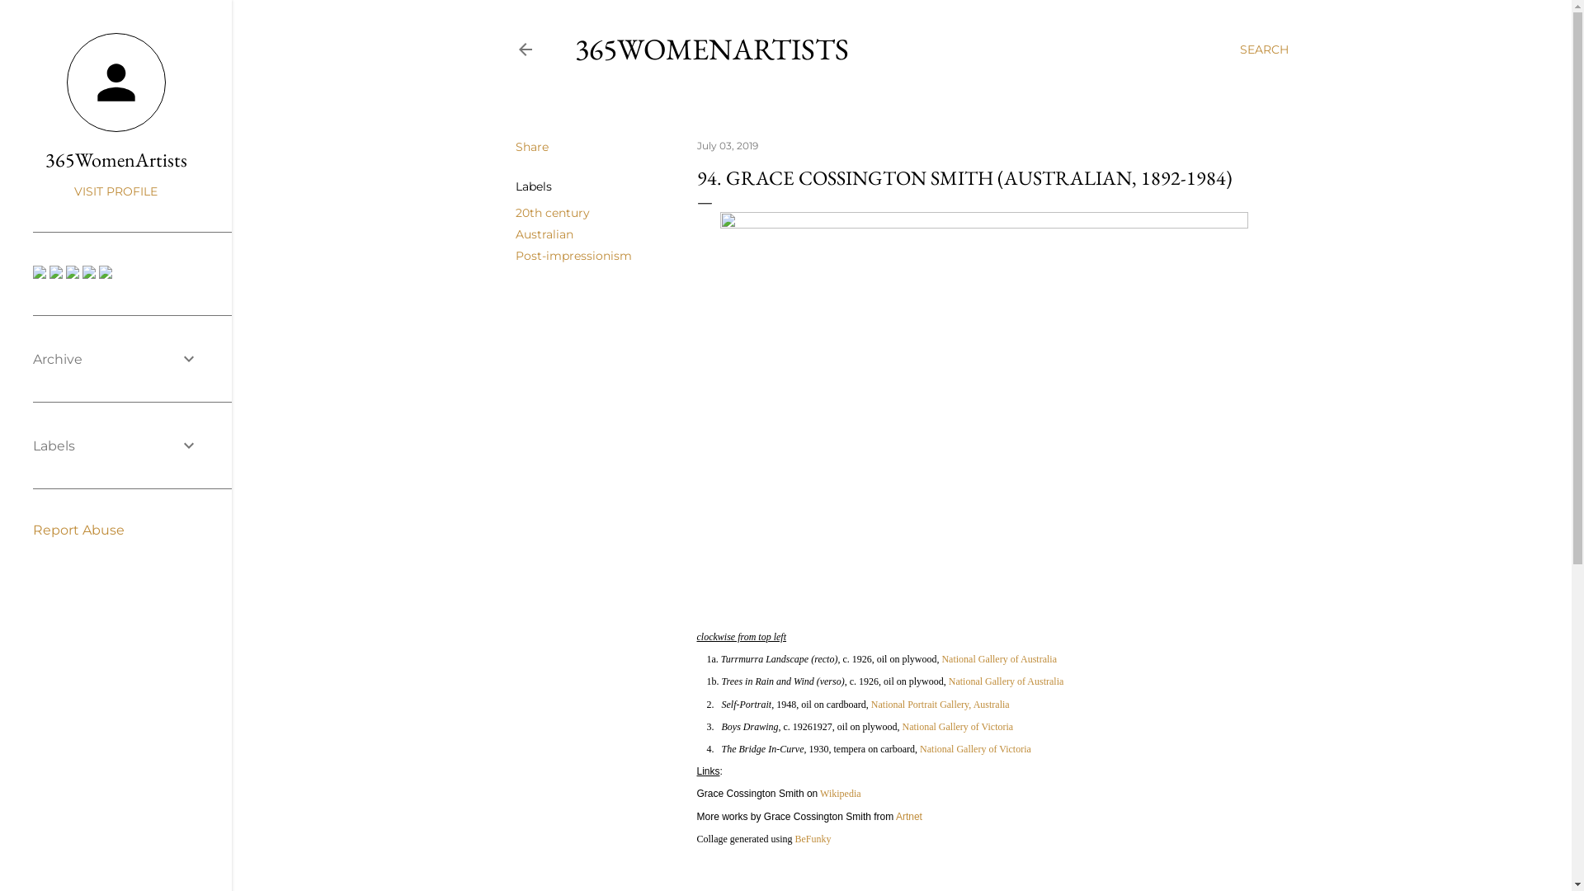  I want to click on 'VISIT PROFILE', so click(115, 190).